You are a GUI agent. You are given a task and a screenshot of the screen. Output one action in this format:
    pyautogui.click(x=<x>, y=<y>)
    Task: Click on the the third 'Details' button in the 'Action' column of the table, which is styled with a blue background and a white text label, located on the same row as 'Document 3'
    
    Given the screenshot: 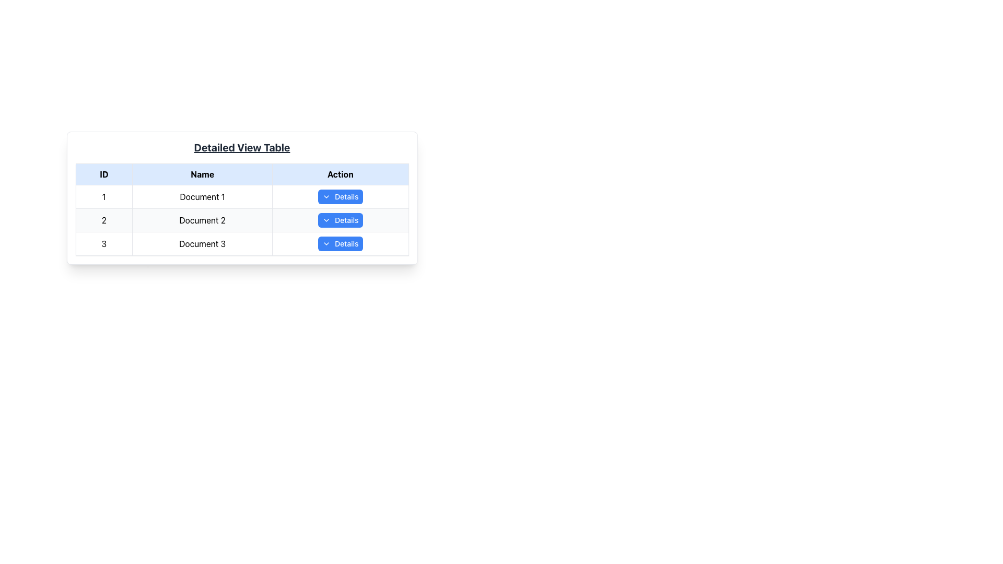 What is the action you would take?
    pyautogui.click(x=340, y=243)
    